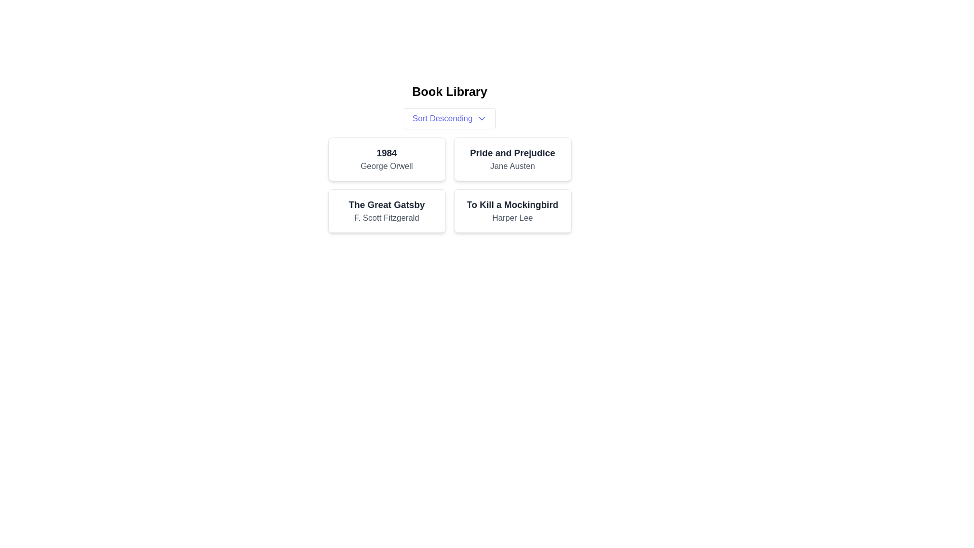 The width and height of the screenshot is (974, 548). I want to click on information of the card displaying '1984' by George Orwell, which is styled with a white background and rounded corners, located in the top-left of the book entry grid, so click(386, 159).